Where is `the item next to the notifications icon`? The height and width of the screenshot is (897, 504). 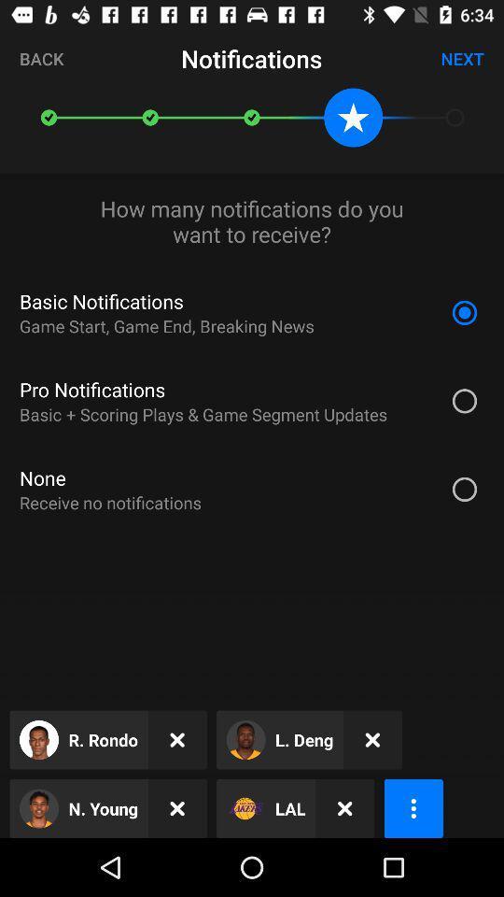
the item next to the notifications icon is located at coordinates (41, 58).